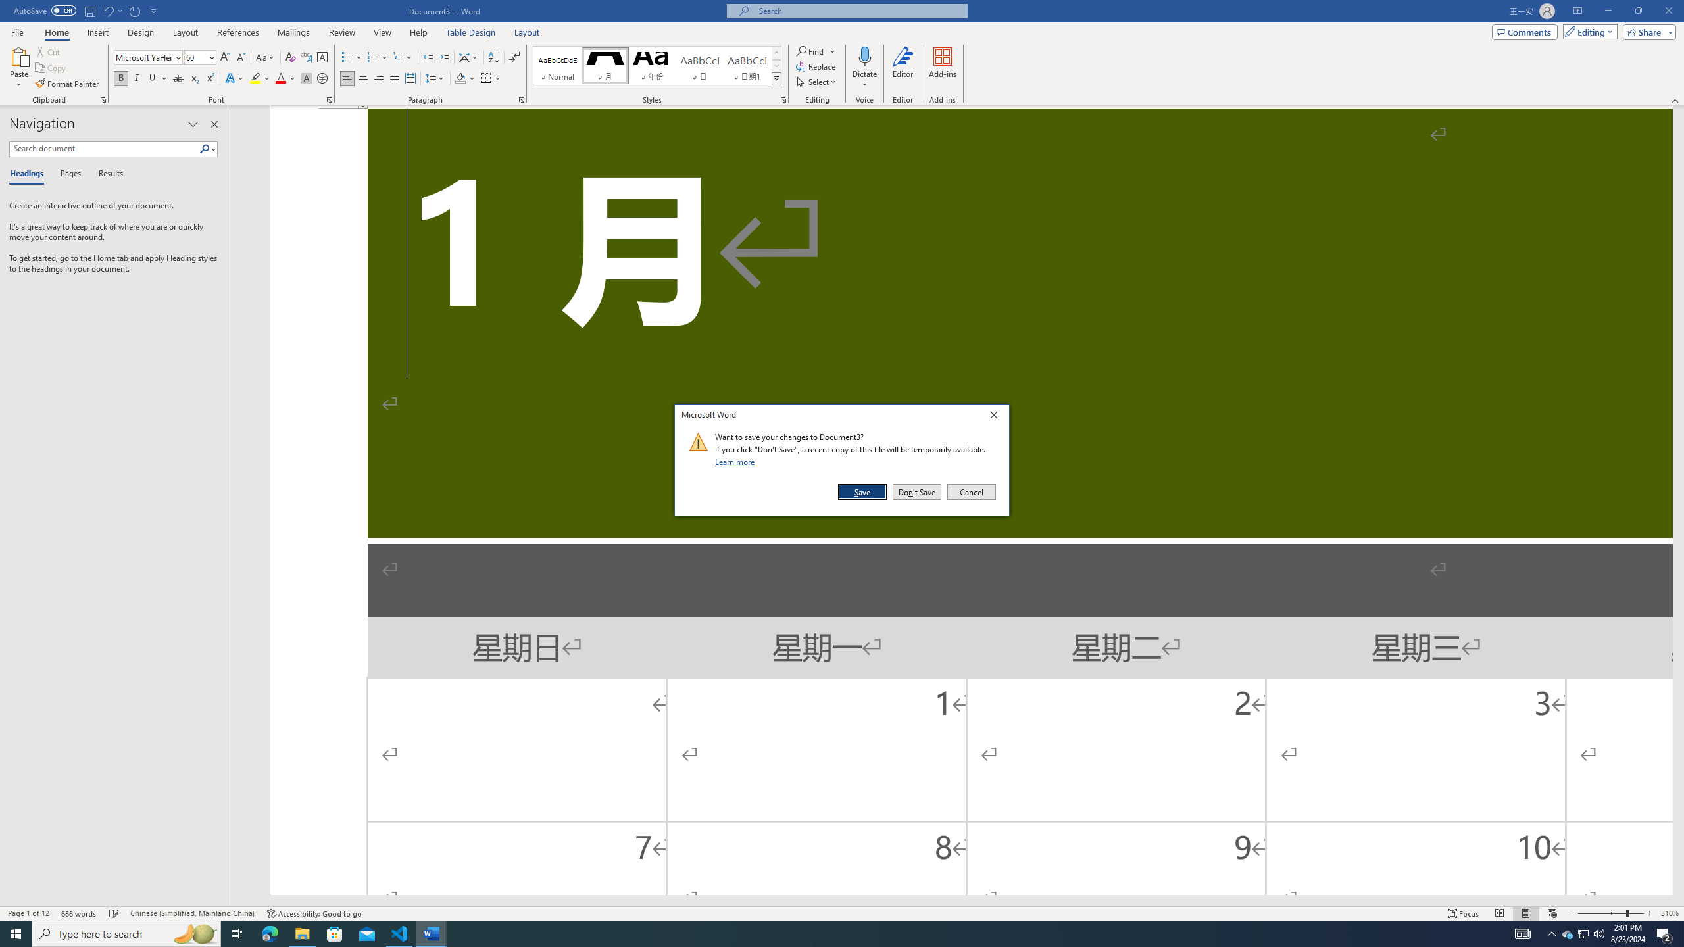  I want to click on 'Undo Increase Indent', so click(107, 10).